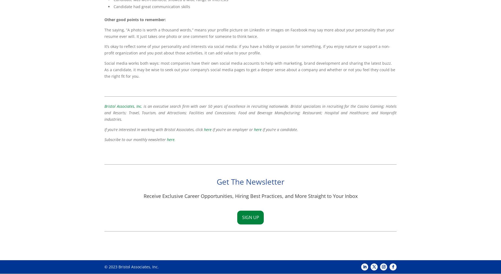  I want to click on 'is an executive search firm with over 50 years of excellence in recruiting nationwide. Bristol specializes in recruiting for the Casino Gaming; Hotels and Resorts; Travel, Tourism, and Attractions; Facilities and Concessions; Food and Beverage Manufacturing; Restaurant; Hospital and Healthcare; and Nonprofit industries.', so click(104, 113).